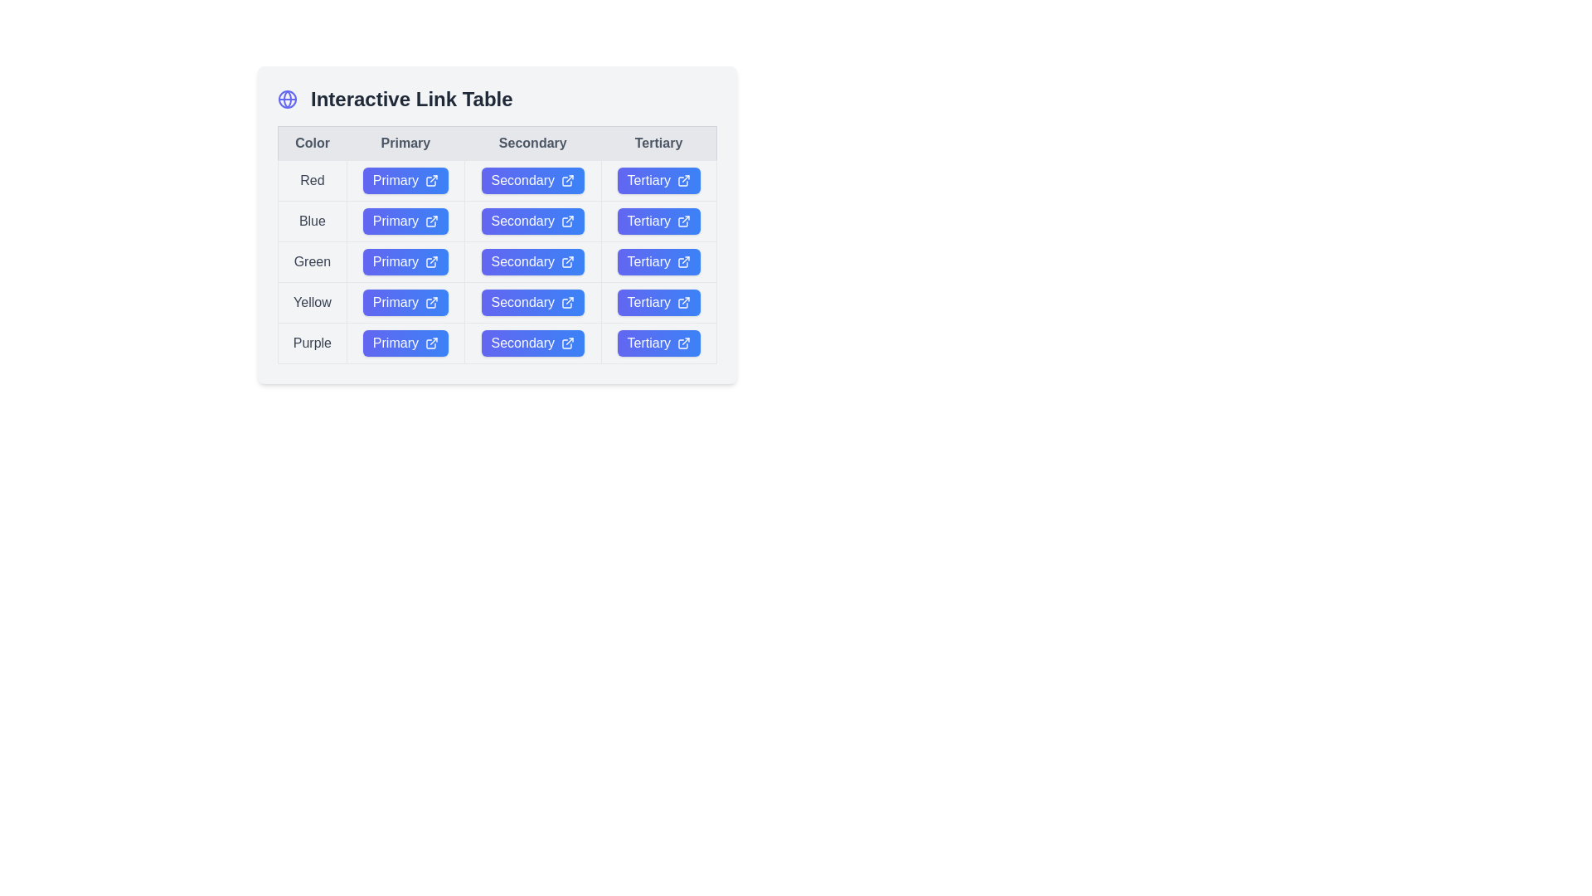 The width and height of the screenshot is (1592, 896). Describe the element at coordinates (567, 261) in the screenshot. I see `the graphical segment of the external link icon associated with the 'Secondary' link in the 'Green' row of the table, located in the third column of the third row` at that location.